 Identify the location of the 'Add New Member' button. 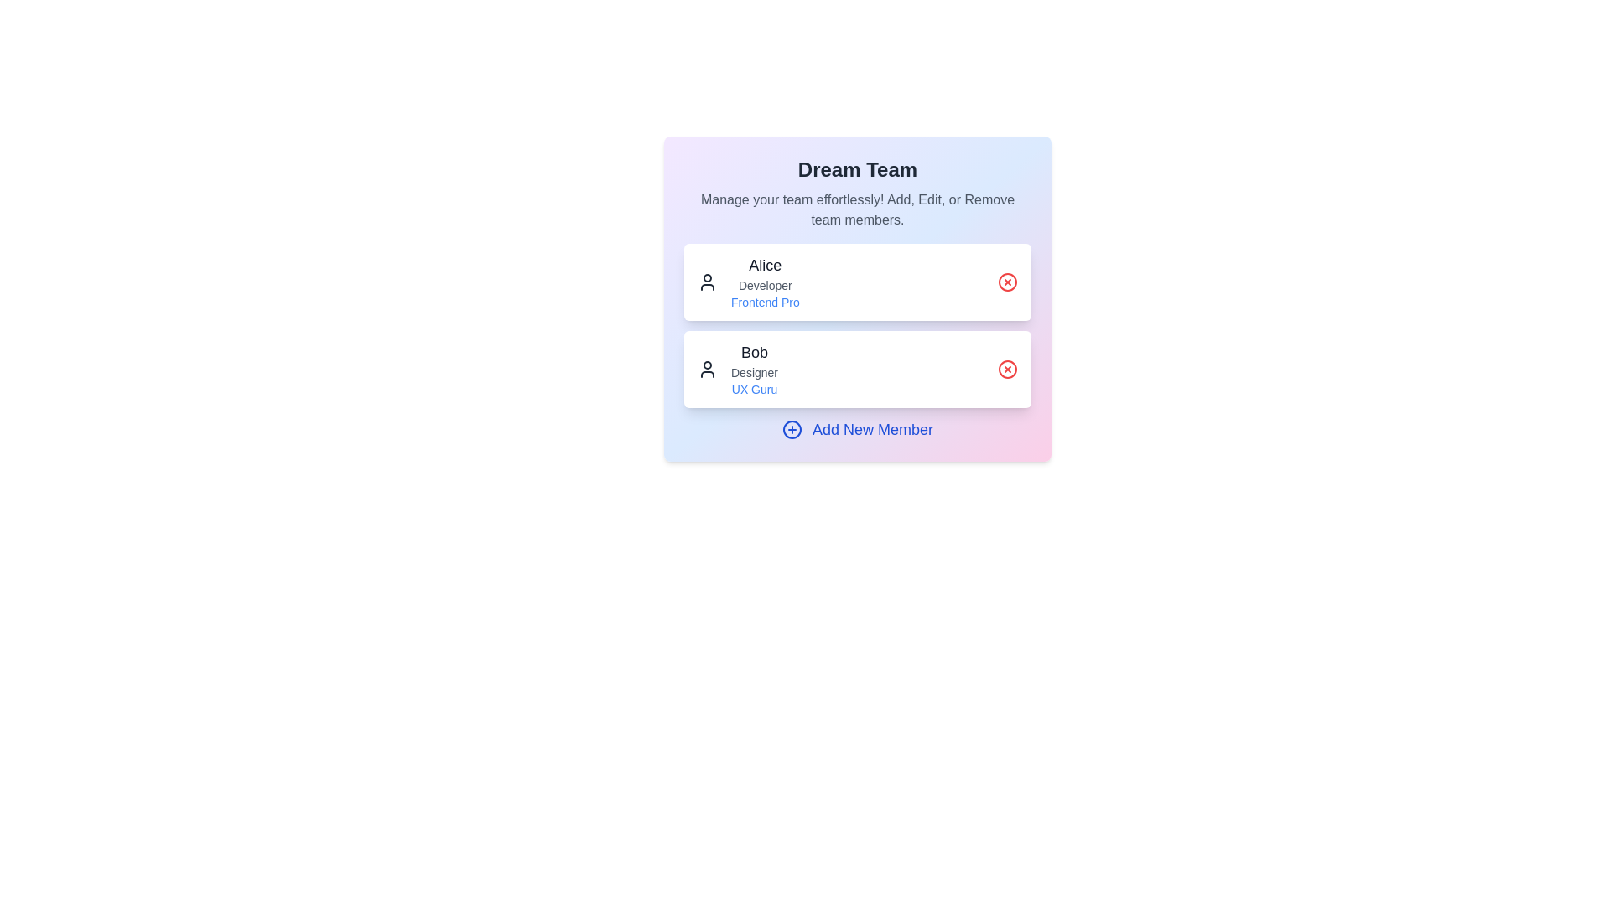
(857, 429).